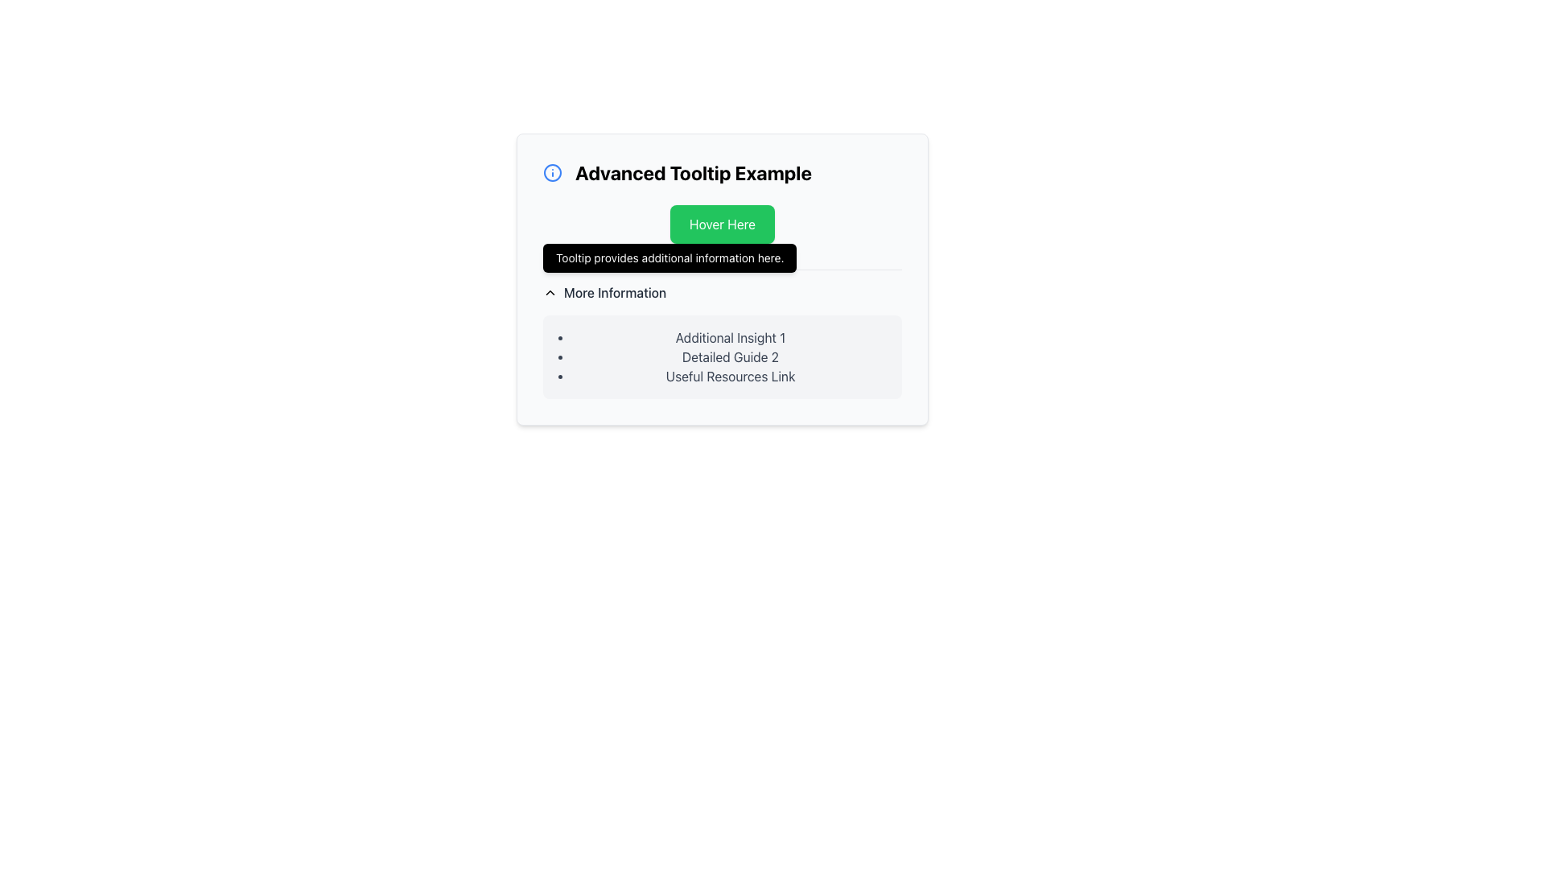 The width and height of the screenshot is (1545, 869). What do you see at coordinates (550, 292) in the screenshot?
I see `the small downward-pointing chevron icon next to the 'More Information' text` at bounding box center [550, 292].